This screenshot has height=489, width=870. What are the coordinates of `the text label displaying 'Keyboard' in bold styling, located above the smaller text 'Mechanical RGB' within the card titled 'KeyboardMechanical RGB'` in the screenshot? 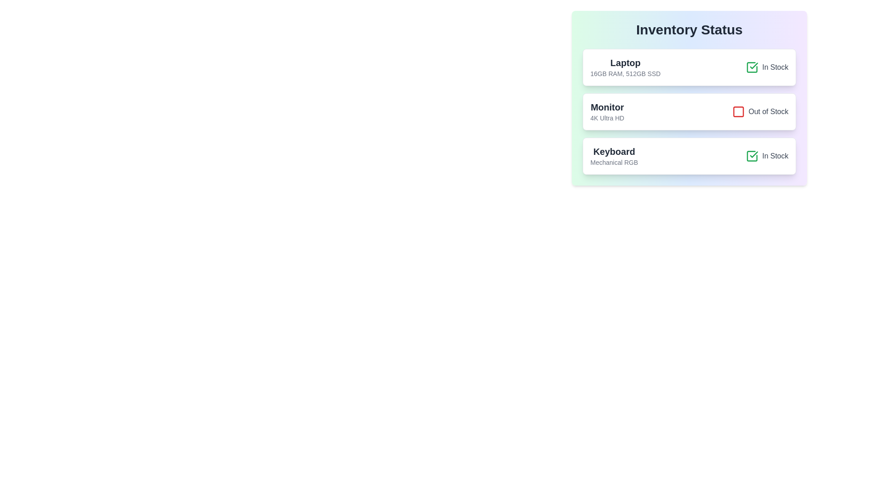 It's located at (614, 151).